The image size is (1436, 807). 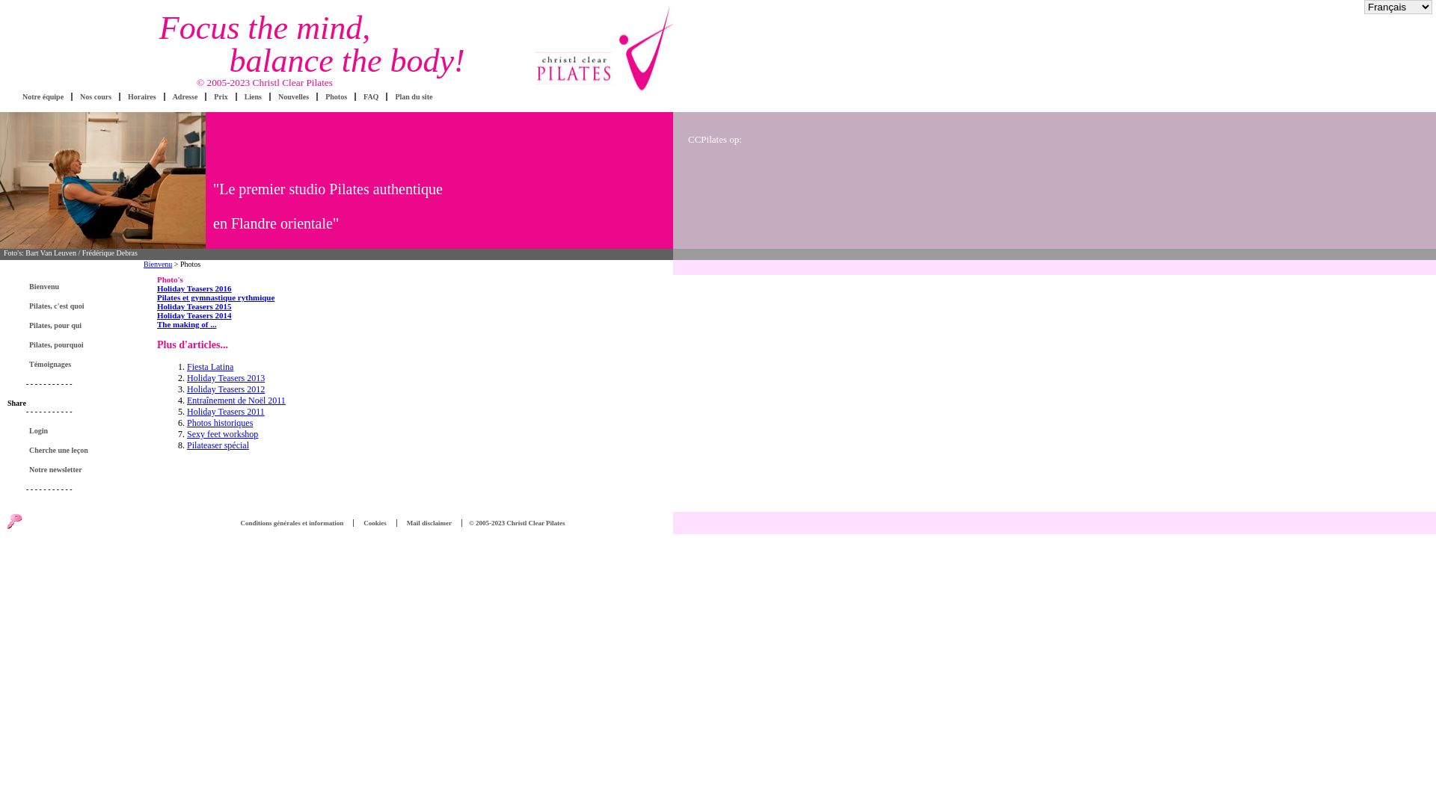 What do you see at coordinates (209, 366) in the screenshot?
I see `'Fiesta Latina'` at bounding box center [209, 366].